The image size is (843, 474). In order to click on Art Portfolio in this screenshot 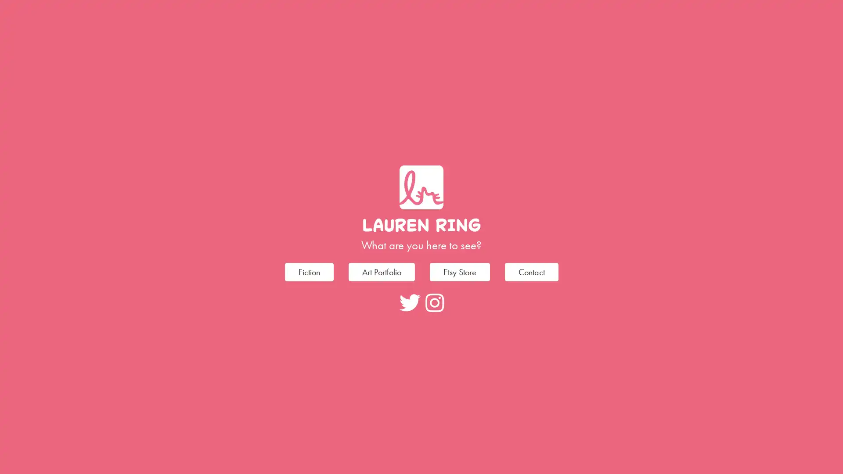, I will do `click(381, 271)`.